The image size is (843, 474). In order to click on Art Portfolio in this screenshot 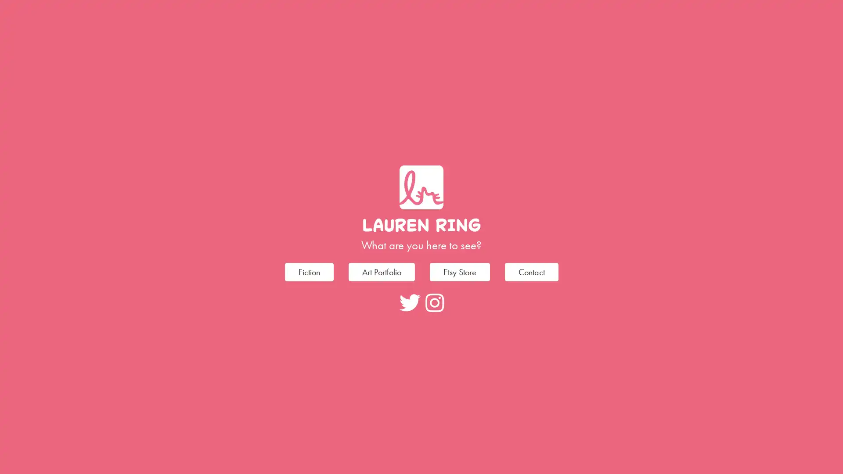, I will do `click(381, 271)`.